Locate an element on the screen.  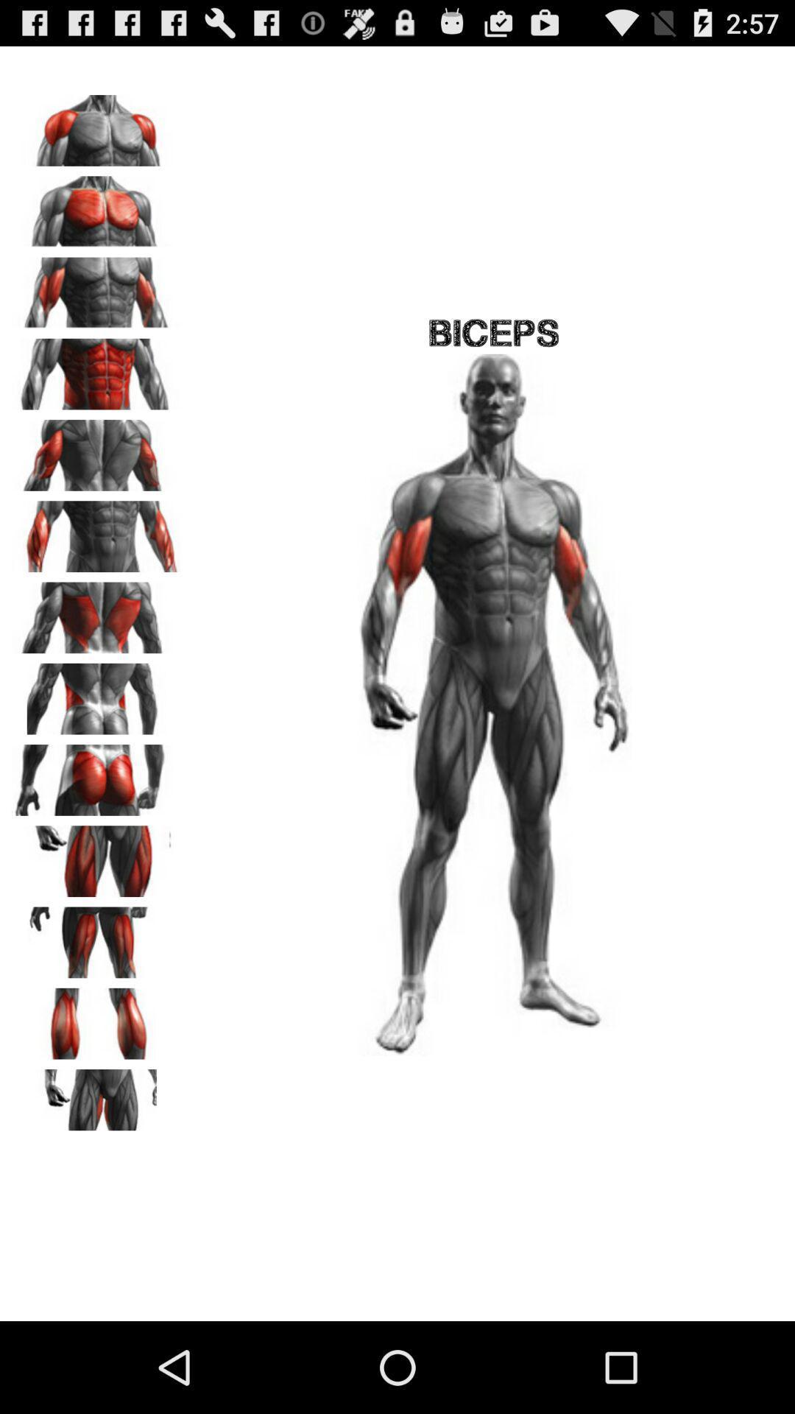
back side of the body is located at coordinates (96, 693).